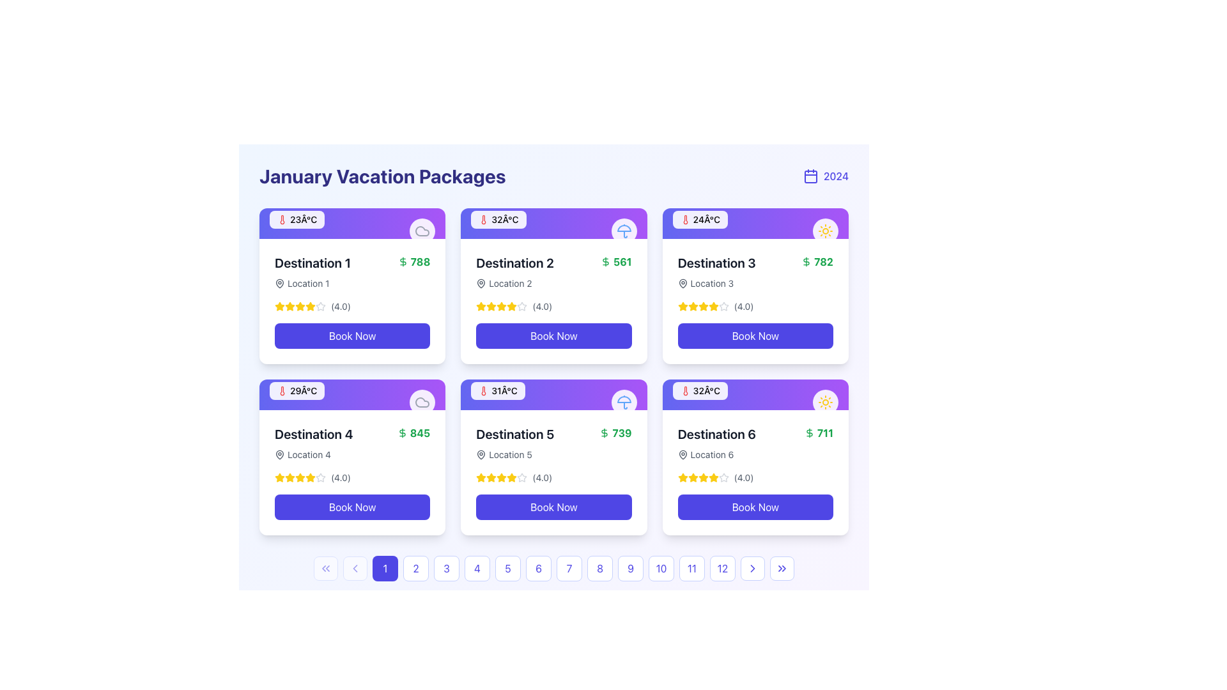 Image resolution: width=1227 pixels, height=690 pixels. Describe the element at coordinates (684, 390) in the screenshot. I see `the thermometer icon representing the temperature condition for 'Destination 6' with a displayed temperature of 32°C` at that location.